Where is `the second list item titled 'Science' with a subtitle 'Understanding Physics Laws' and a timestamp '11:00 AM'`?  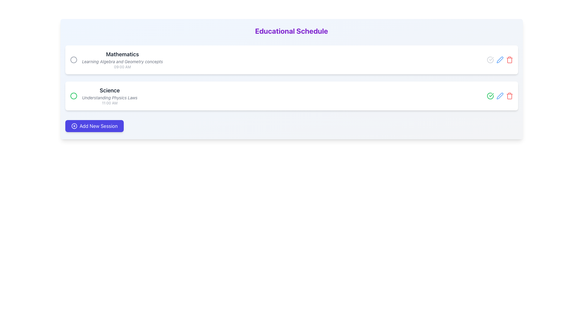 the second list item titled 'Science' with a subtitle 'Understanding Physics Laws' and a timestamp '11:00 AM' is located at coordinates (104, 96).